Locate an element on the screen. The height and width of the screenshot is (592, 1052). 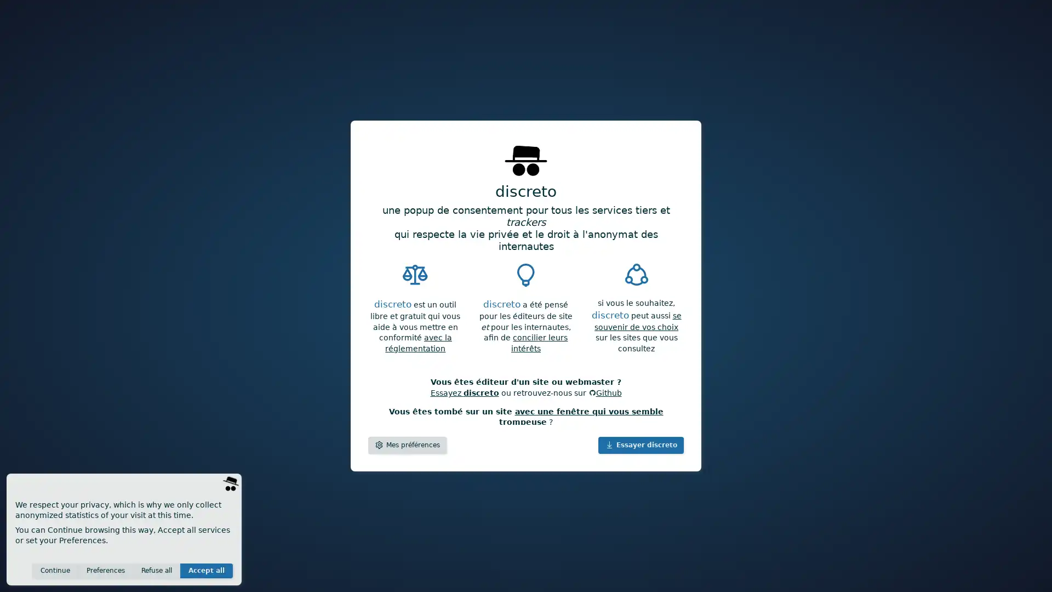
Anonymous is located at coordinates (127, 574).